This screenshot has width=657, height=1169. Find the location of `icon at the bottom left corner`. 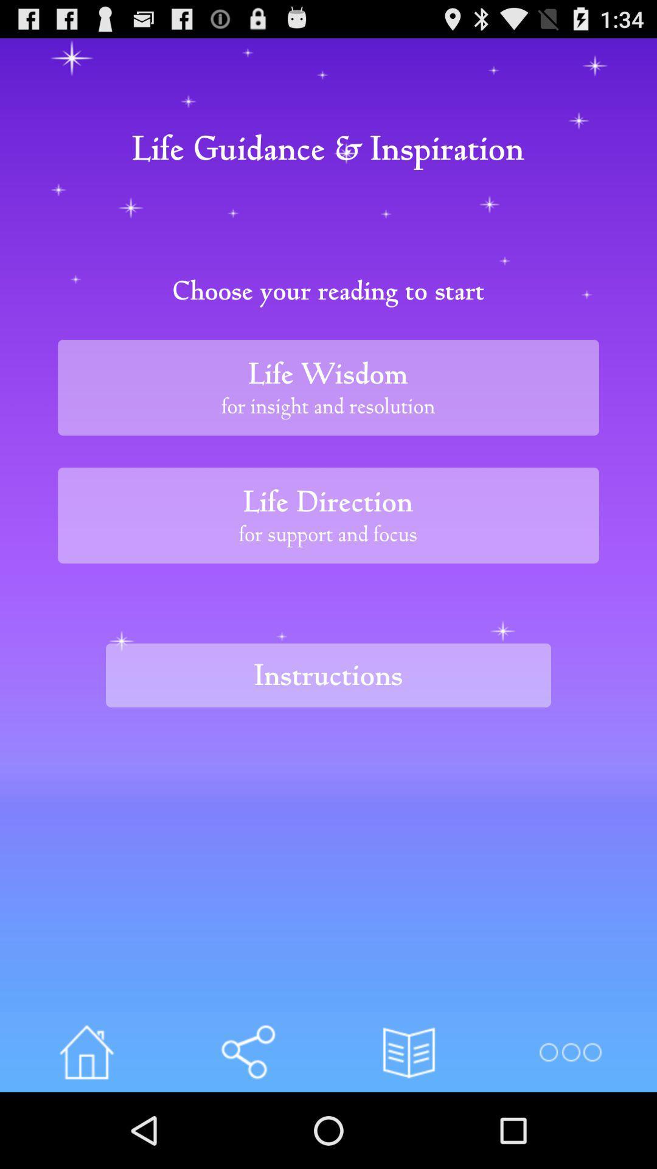

icon at the bottom left corner is located at coordinates (86, 1051).